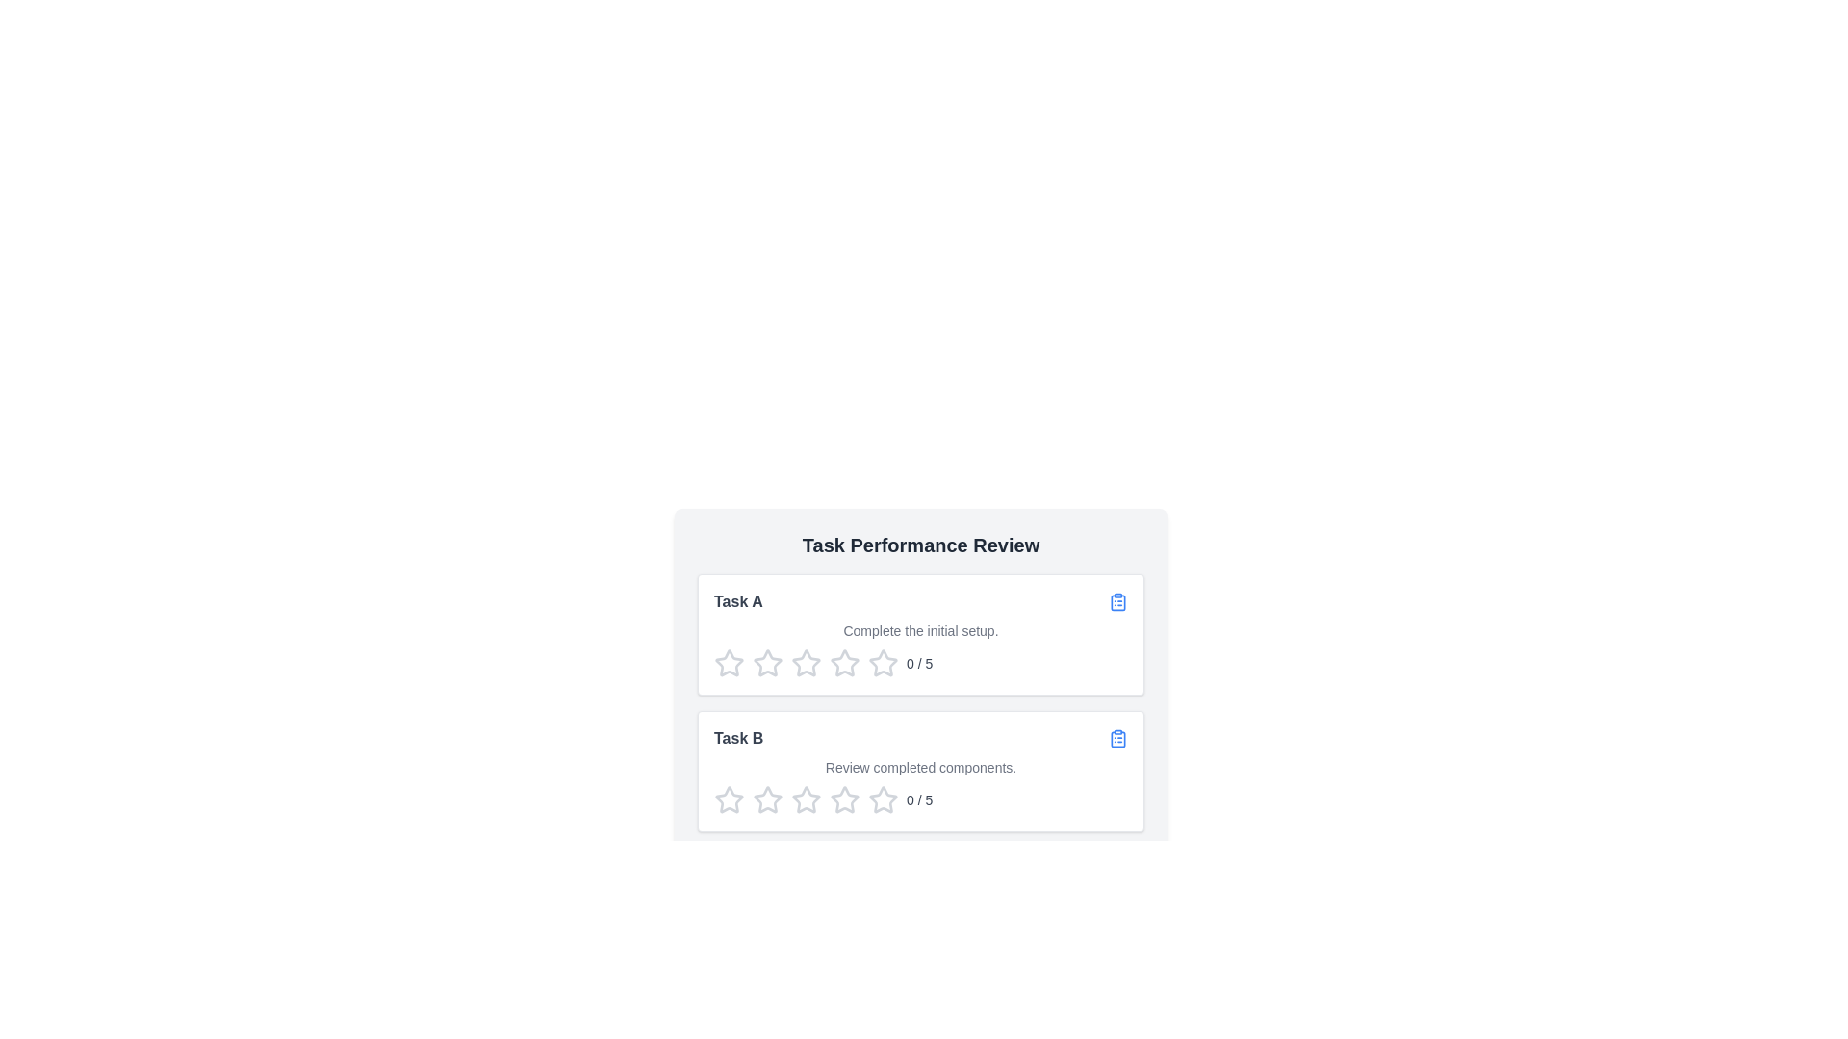  I want to click on current rating value displayed by the text label located to the right of the five star icons in the 'Task B: Review completed components' section, so click(919, 800).